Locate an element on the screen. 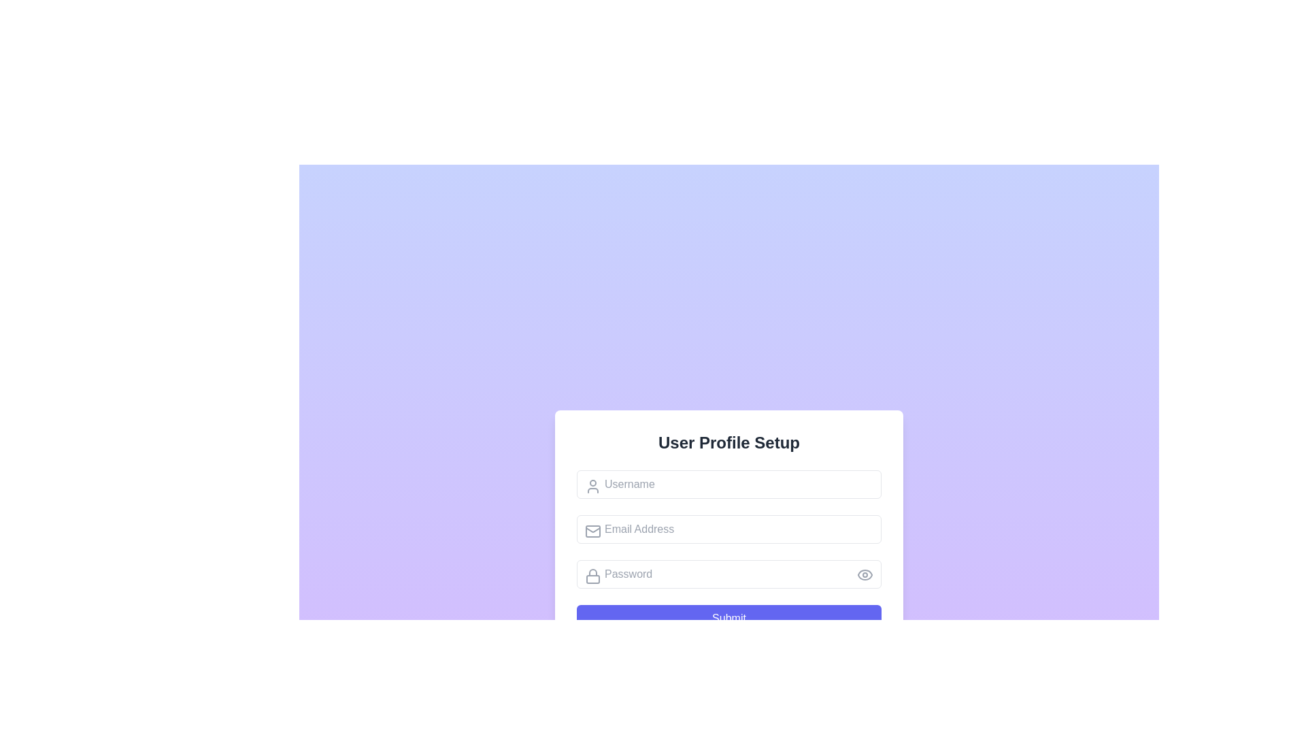  the top semi-circular section of the lock icon, which is styled with a thin black stroke and located above the solid rectangular part of the lock icon in the password entry area is located at coordinates (593, 572).